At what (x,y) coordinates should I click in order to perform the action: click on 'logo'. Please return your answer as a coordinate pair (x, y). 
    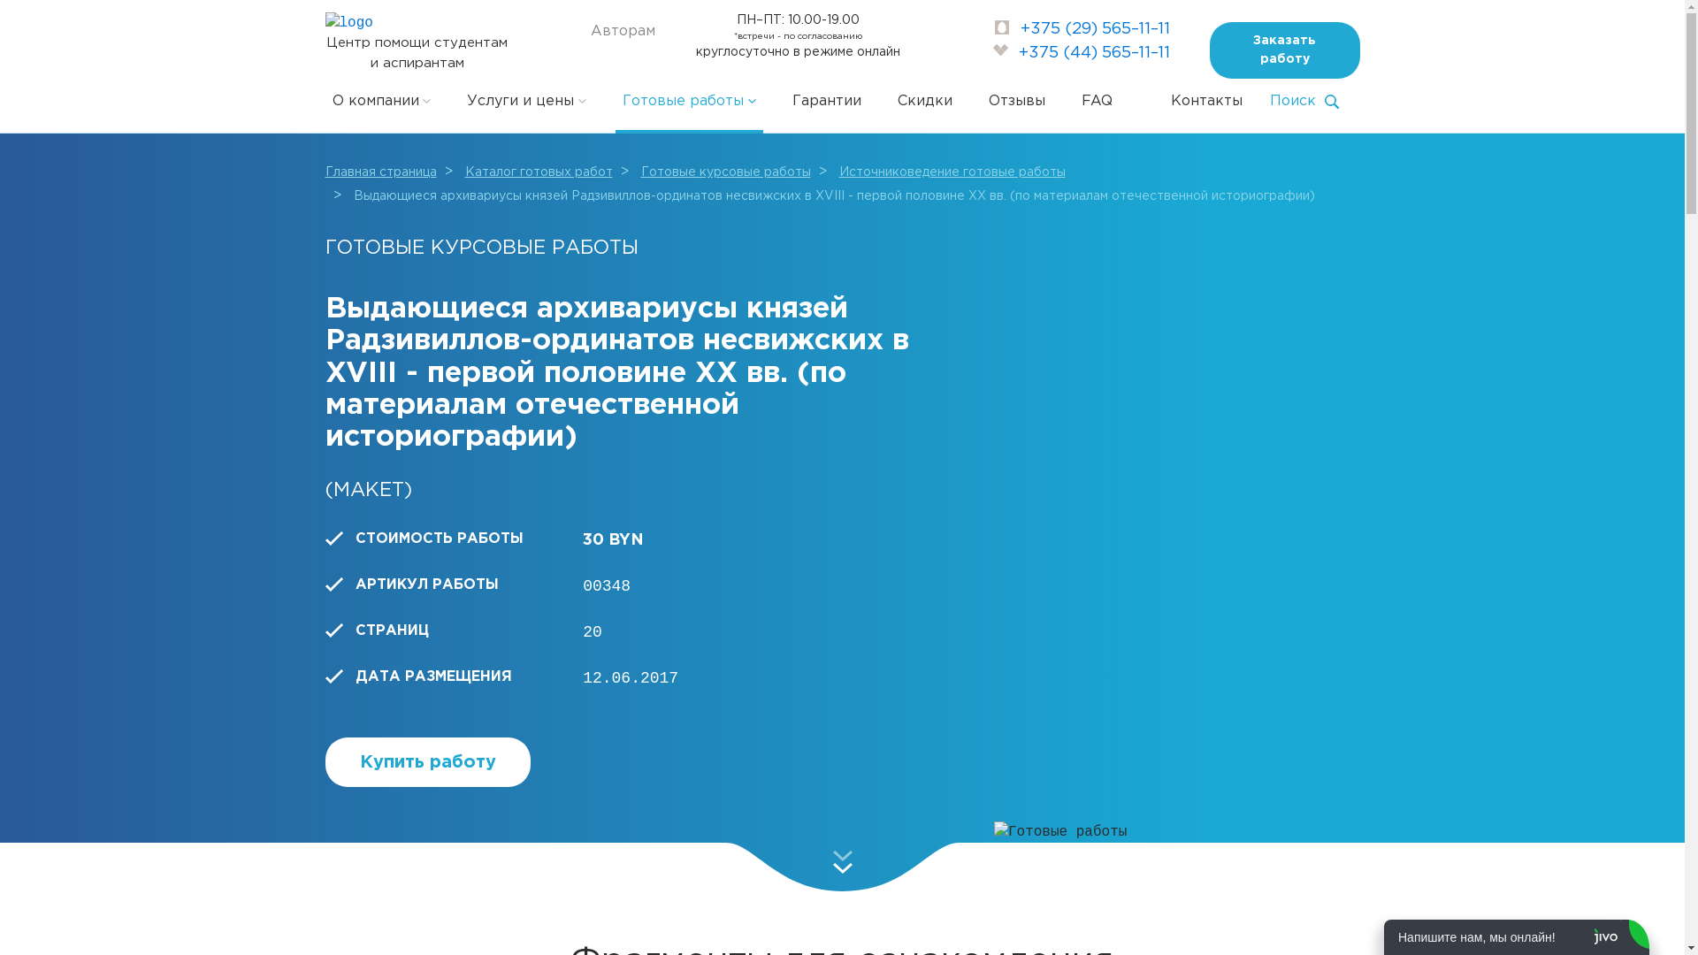
    Looking at the image, I should click on (348, 23).